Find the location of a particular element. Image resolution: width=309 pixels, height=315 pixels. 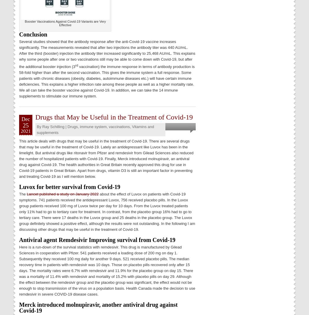

'Vitamins and supplements' is located at coordinates (95, 129).